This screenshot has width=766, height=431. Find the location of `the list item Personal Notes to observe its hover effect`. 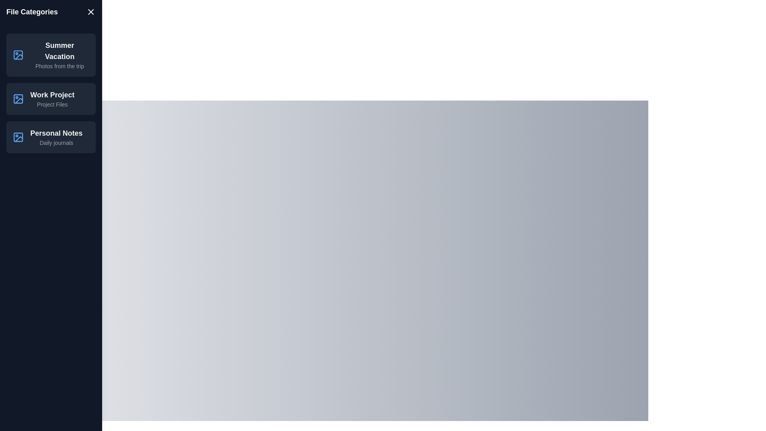

the list item Personal Notes to observe its hover effect is located at coordinates (51, 136).